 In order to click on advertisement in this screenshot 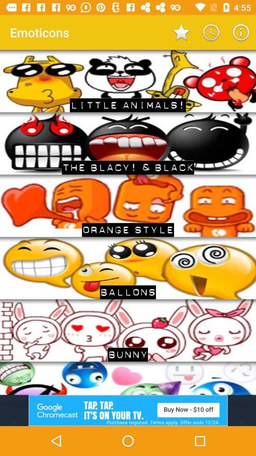, I will do `click(128, 410)`.